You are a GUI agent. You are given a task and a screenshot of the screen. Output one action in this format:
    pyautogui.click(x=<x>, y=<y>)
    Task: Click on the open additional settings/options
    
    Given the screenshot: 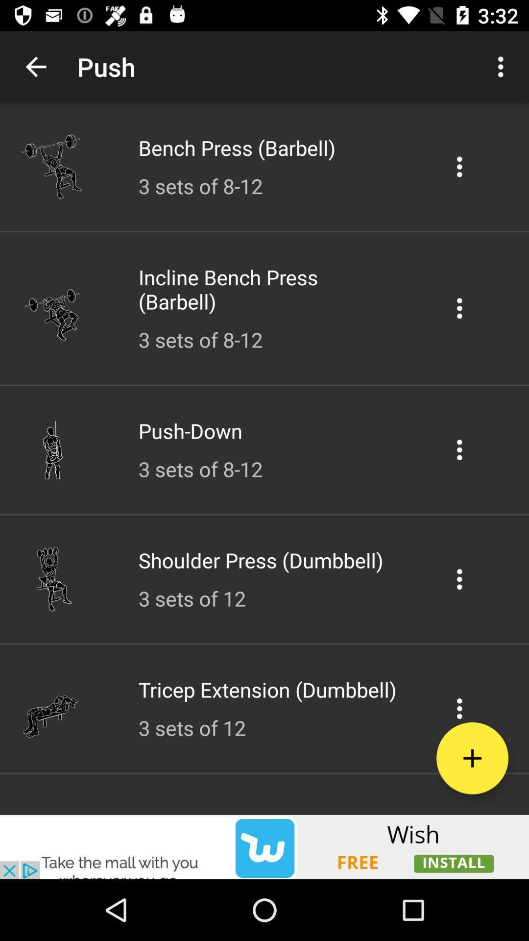 What is the action you would take?
    pyautogui.click(x=459, y=708)
    